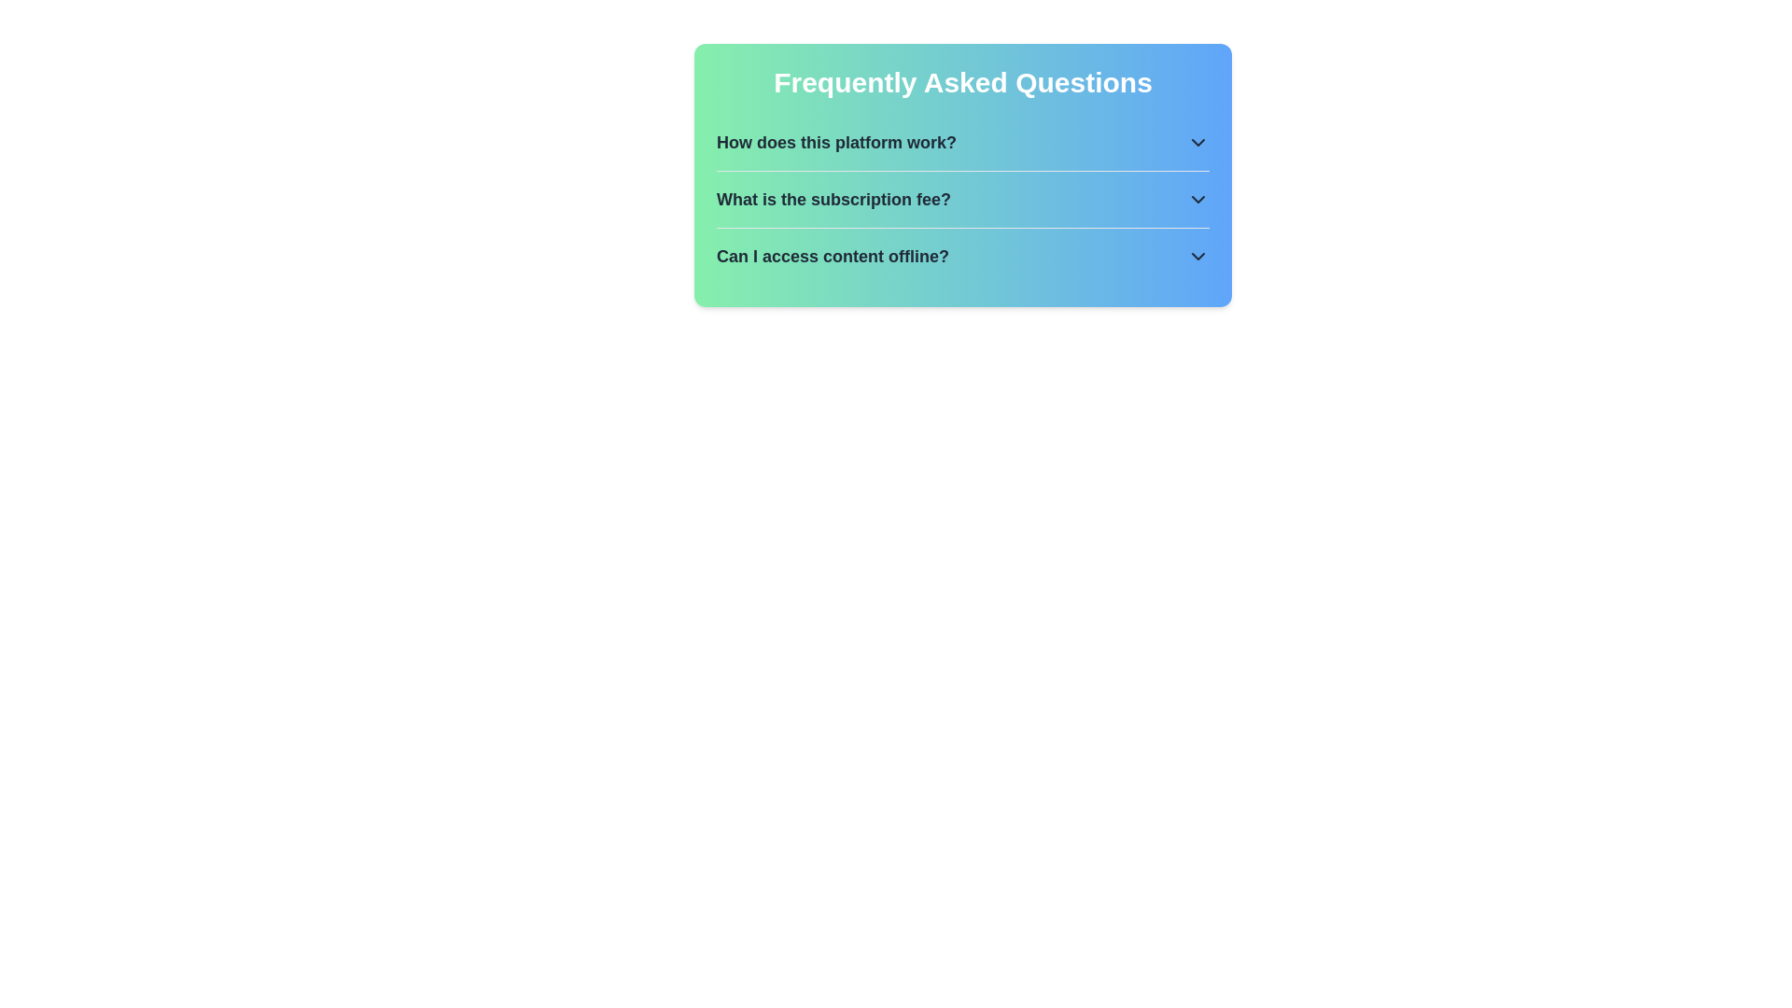 Image resolution: width=1792 pixels, height=1008 pixels. What do you see at coordinates (833, 199) in the screenshot?
I see `the clickable Text Label in the FAQ section, which is located between the questions 'How does this platform work?' and 'Can I access content offline?'` at bounding box center [833, 199].